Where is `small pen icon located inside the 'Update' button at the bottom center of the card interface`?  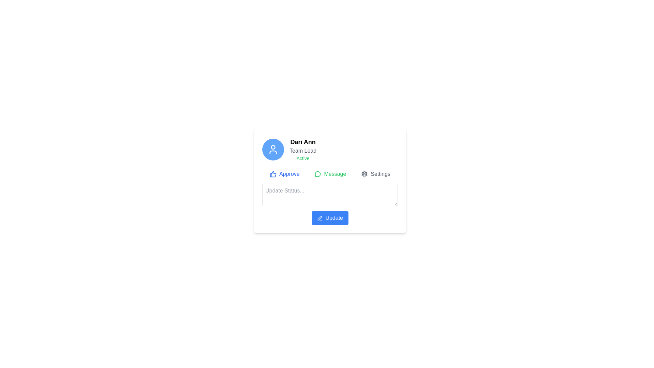 small pen icon located inside the 'Update' button at the bottom center of the card interface is located at coordinates (319, 218).